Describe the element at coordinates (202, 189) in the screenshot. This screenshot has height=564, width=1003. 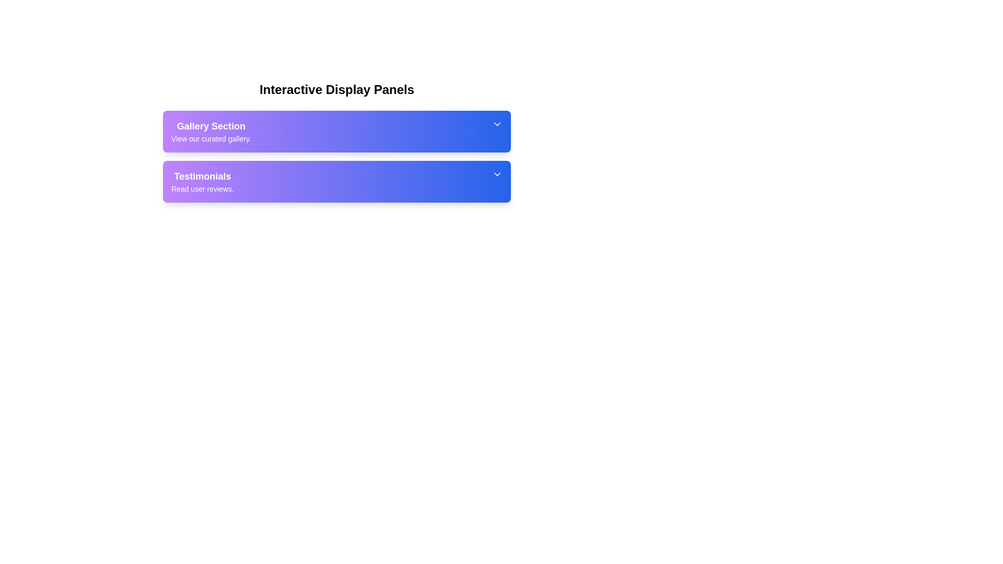
I see `the text label displaying 'Read user reviews.' which is positioned below 'Testimonials' and is styled in a smaller font size on a gradient background panel` at that location.